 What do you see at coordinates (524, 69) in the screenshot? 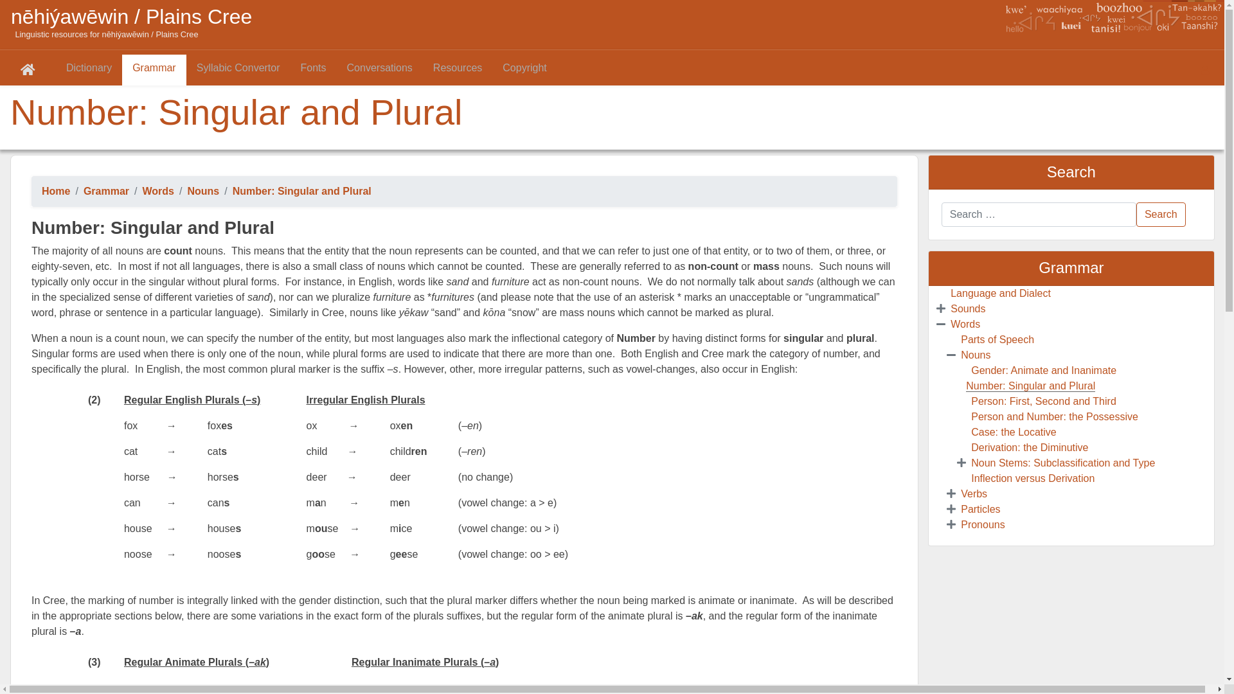
I see `'Copyright'` at bounding box center [524, 69].